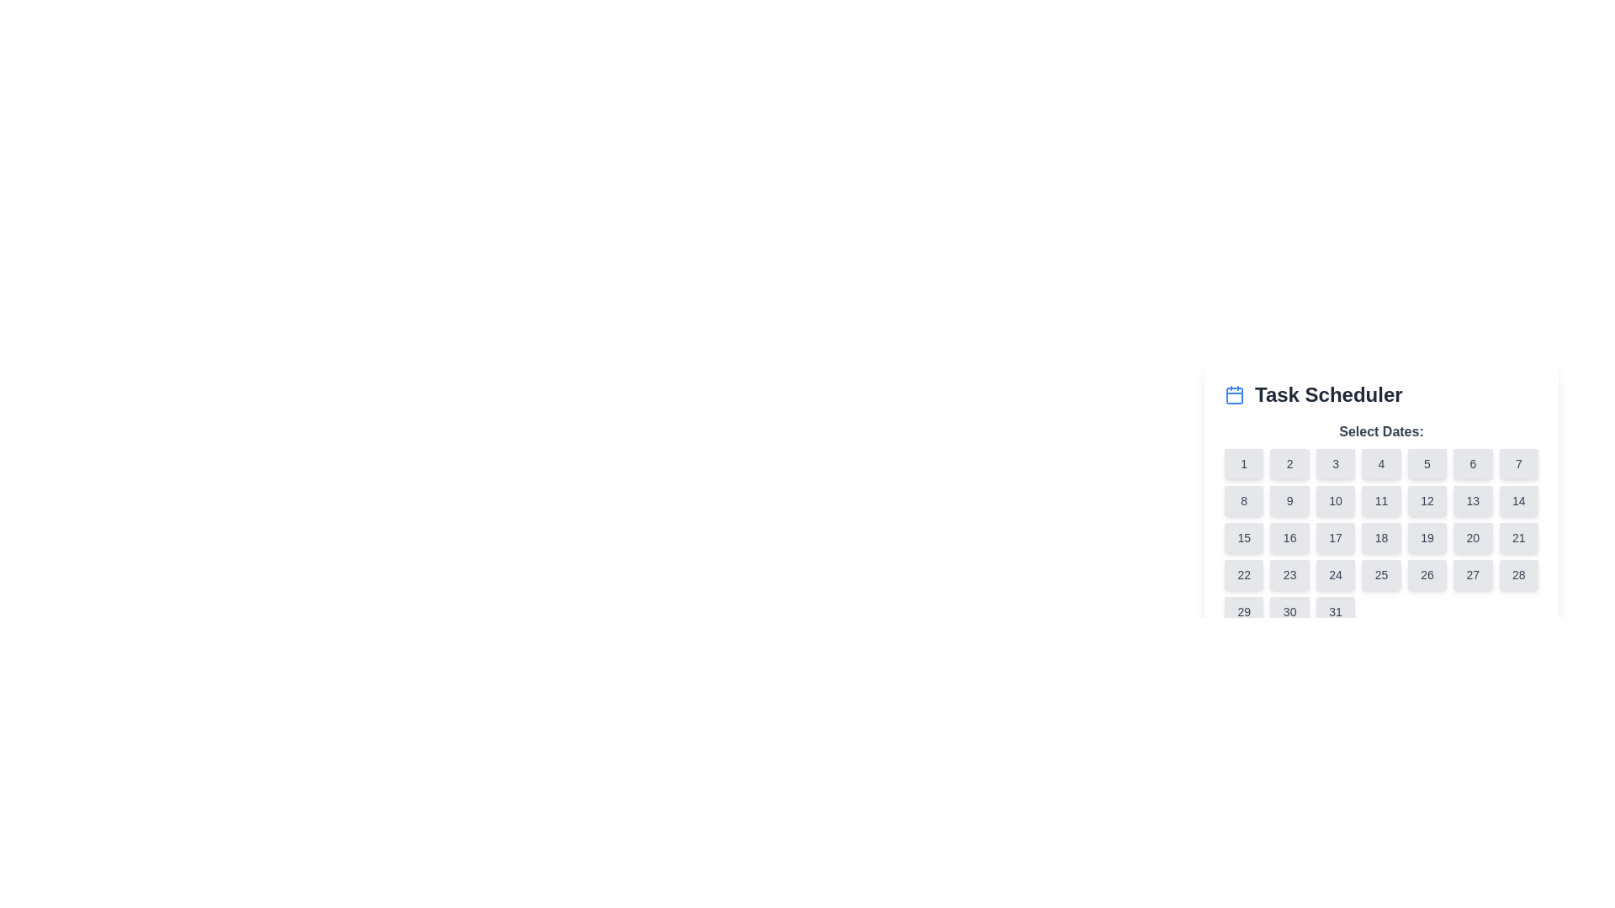  I want to click on the rounded rectangular button labeled '20' in the Task Scheduler, so click(1472, 538).